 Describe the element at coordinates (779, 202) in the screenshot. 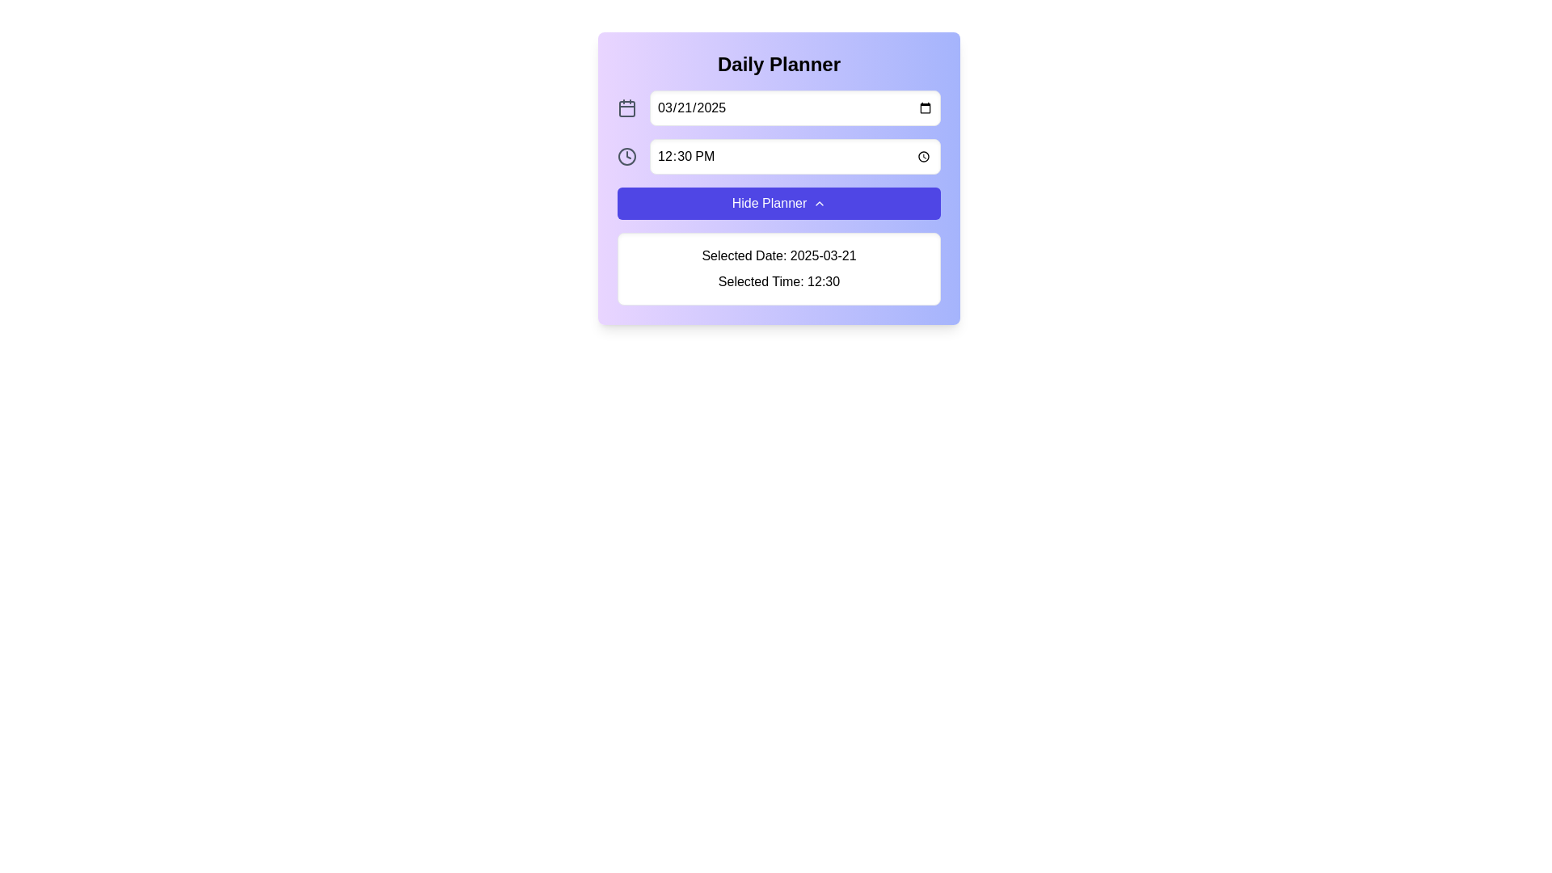

I see `the 'Hide Planner' button with a solid indigo background and white text, located below the datetime input fields` at that location.